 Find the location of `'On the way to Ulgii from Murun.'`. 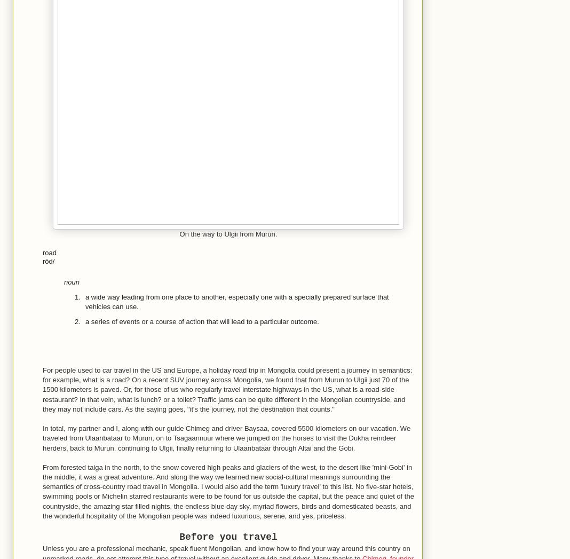

'On the way to Ulgii from Murun.' is located at coordinates (228, 233).